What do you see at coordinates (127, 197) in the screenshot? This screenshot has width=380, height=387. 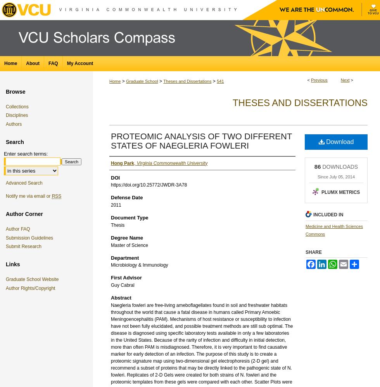 I see `'Defense Date'` at bounding box center [127, 197].